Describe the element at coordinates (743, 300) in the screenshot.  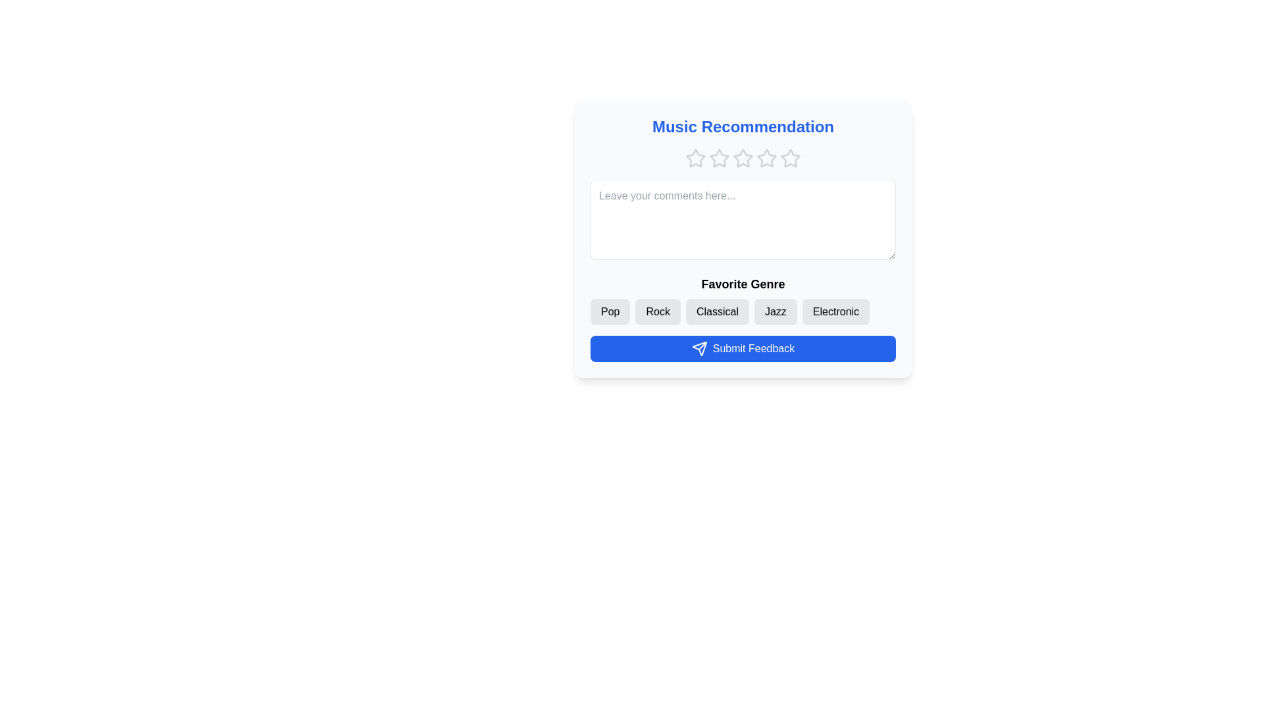
I see `the 'Classical' button within the grouped button selection` at that location.